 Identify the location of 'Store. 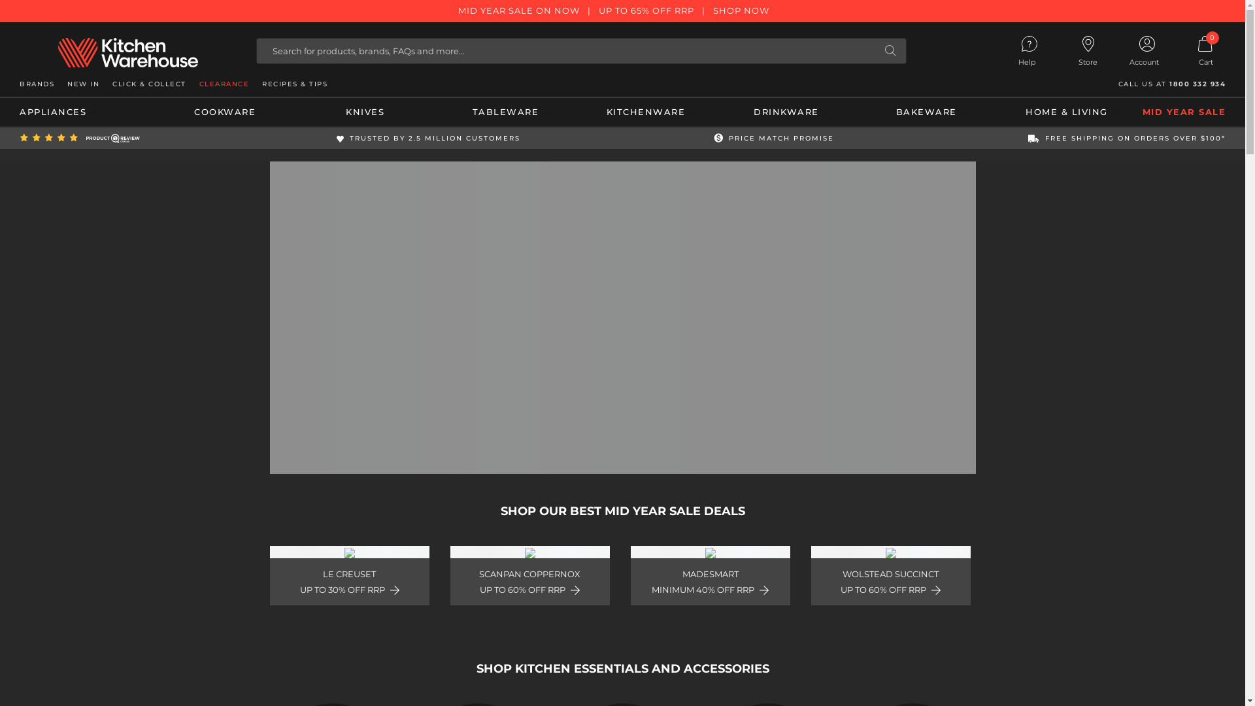
(1088, 50).